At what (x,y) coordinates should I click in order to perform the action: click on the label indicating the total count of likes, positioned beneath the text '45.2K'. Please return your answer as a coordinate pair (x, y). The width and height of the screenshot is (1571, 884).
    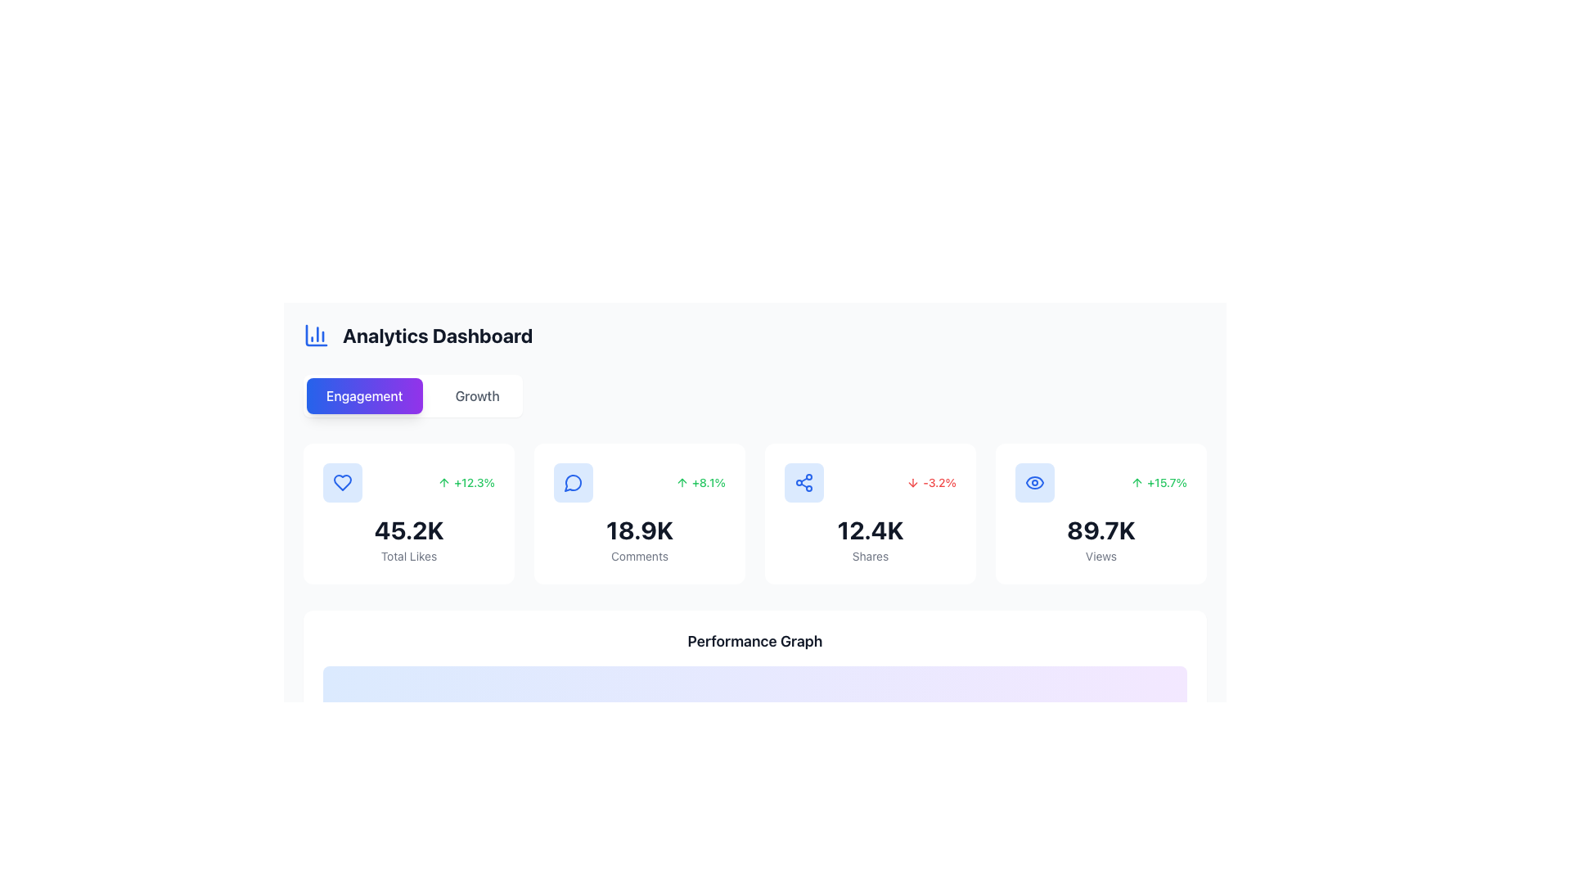
    Looking at the image, I should click on (408, 555).